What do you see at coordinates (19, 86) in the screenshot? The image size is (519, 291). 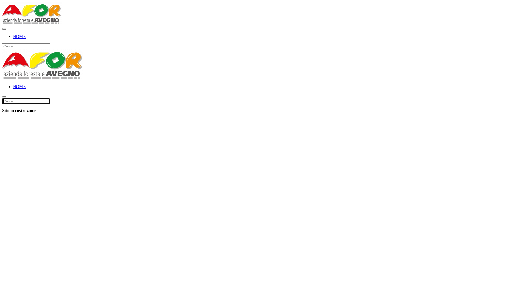 I see `'HOME'` at bounding box center [19, 86].